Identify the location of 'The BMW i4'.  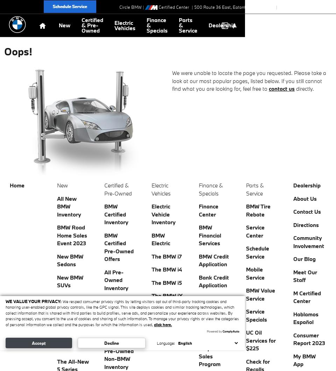
(167, 269).